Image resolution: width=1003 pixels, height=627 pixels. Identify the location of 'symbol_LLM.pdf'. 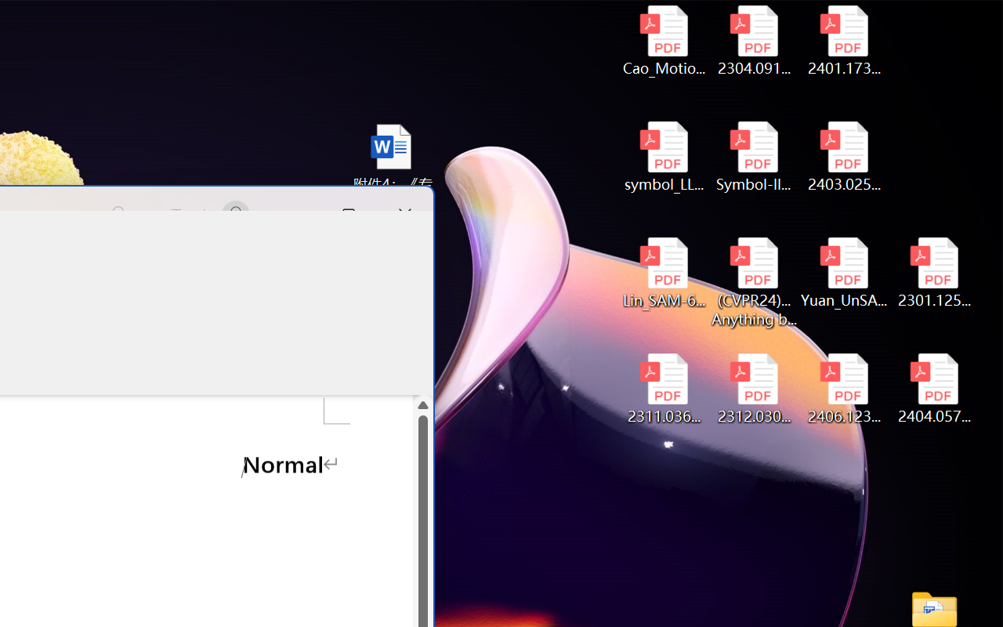
(664, 157).